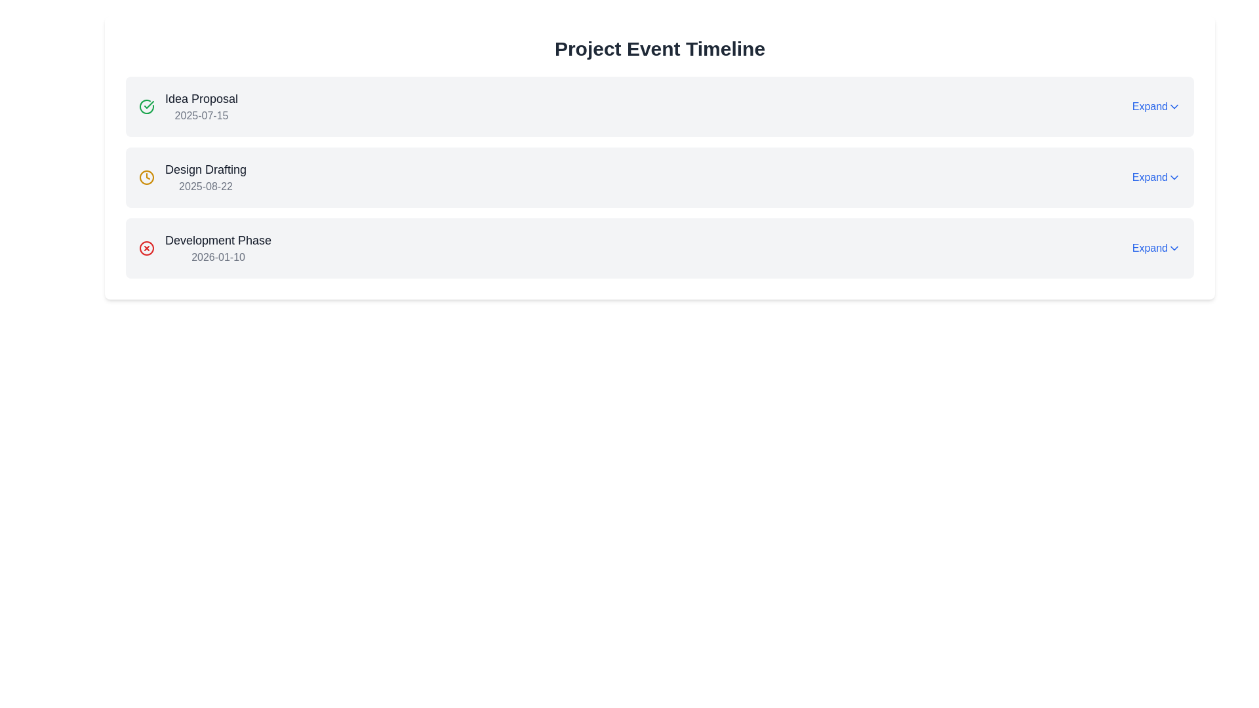 The height and width of the screenshot is (708, 1259). What do you see at coordinates (188, 106) in the screenshot?
I see `the 'Idea Proposal' list item at the top of the event list` at bounding box center [188, 106].